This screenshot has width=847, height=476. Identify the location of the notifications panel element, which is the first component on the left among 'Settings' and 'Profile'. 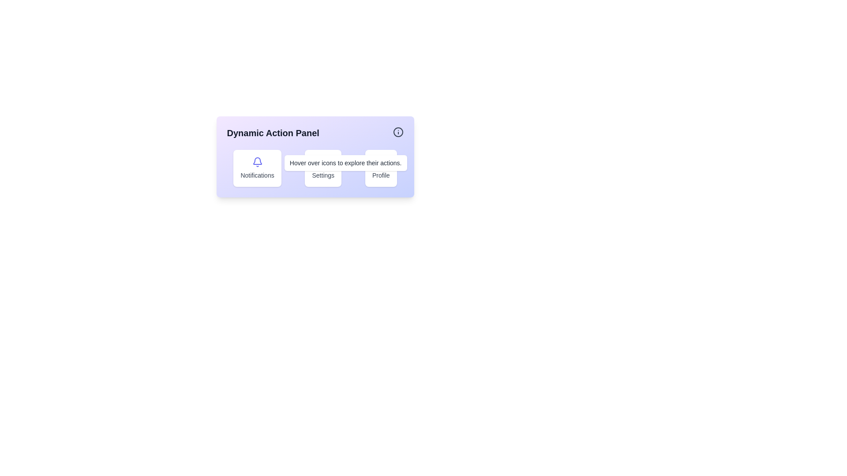
(257, 168).